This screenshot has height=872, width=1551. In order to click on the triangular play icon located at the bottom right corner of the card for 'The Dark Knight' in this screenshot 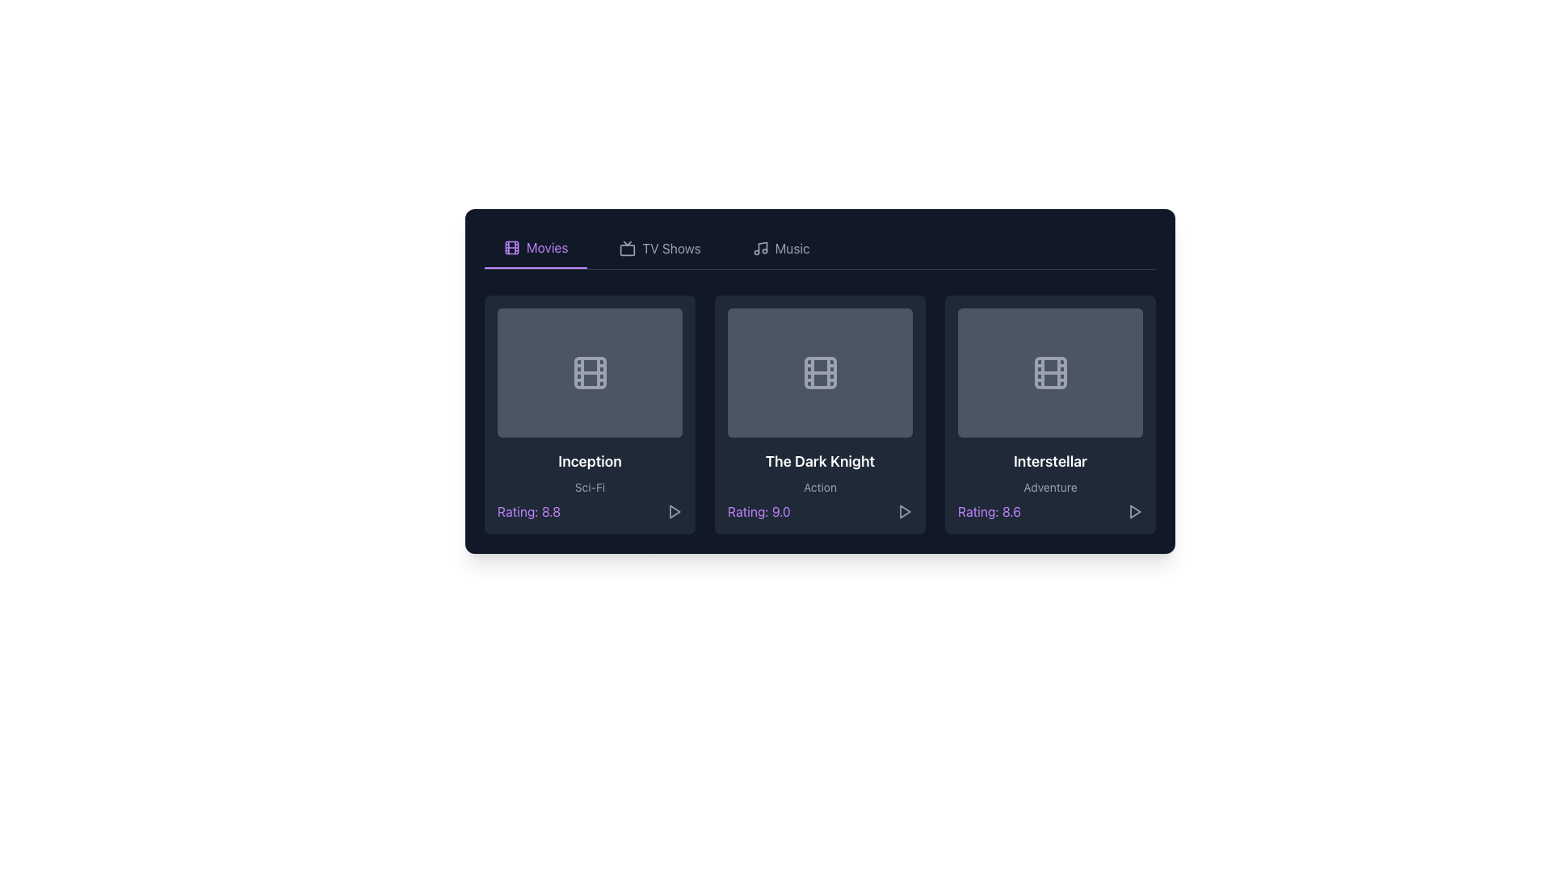, I will do `click(905, 511)`.